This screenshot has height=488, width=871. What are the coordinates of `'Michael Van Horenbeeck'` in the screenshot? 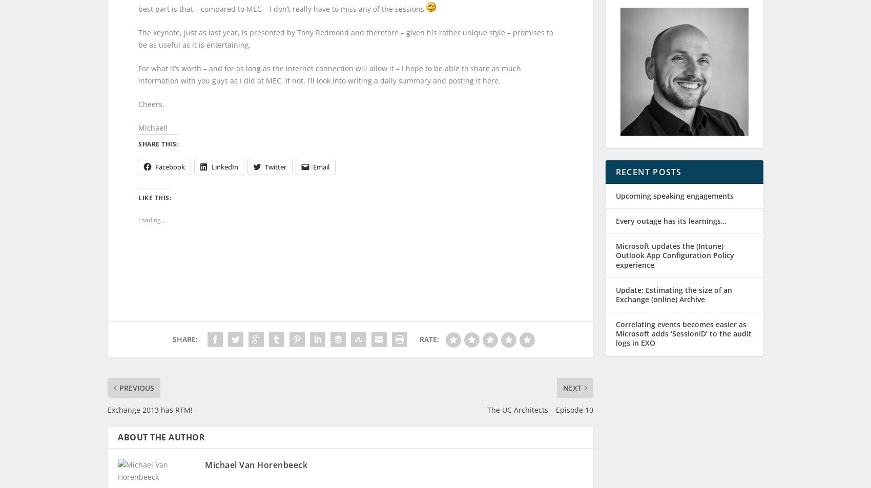 It's located at (256, 446).